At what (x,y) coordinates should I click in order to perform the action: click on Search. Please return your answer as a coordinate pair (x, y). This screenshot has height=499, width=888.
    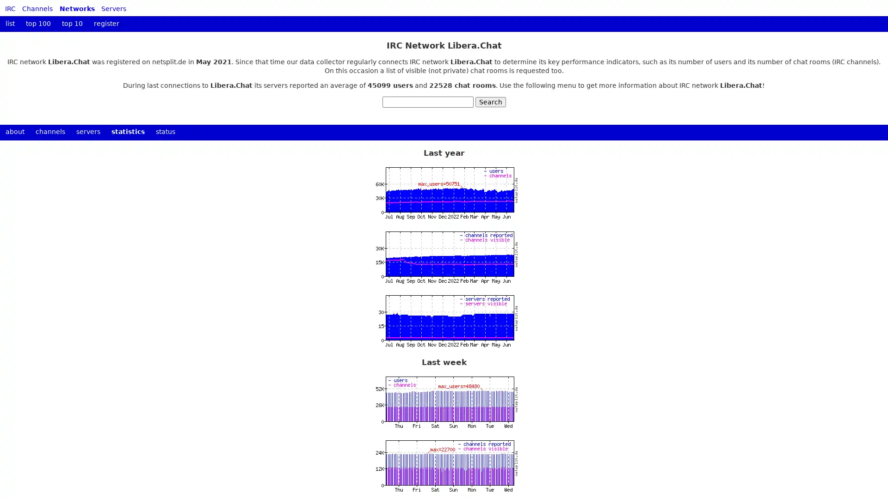
    Looking at the image, I should click on (490, 101).